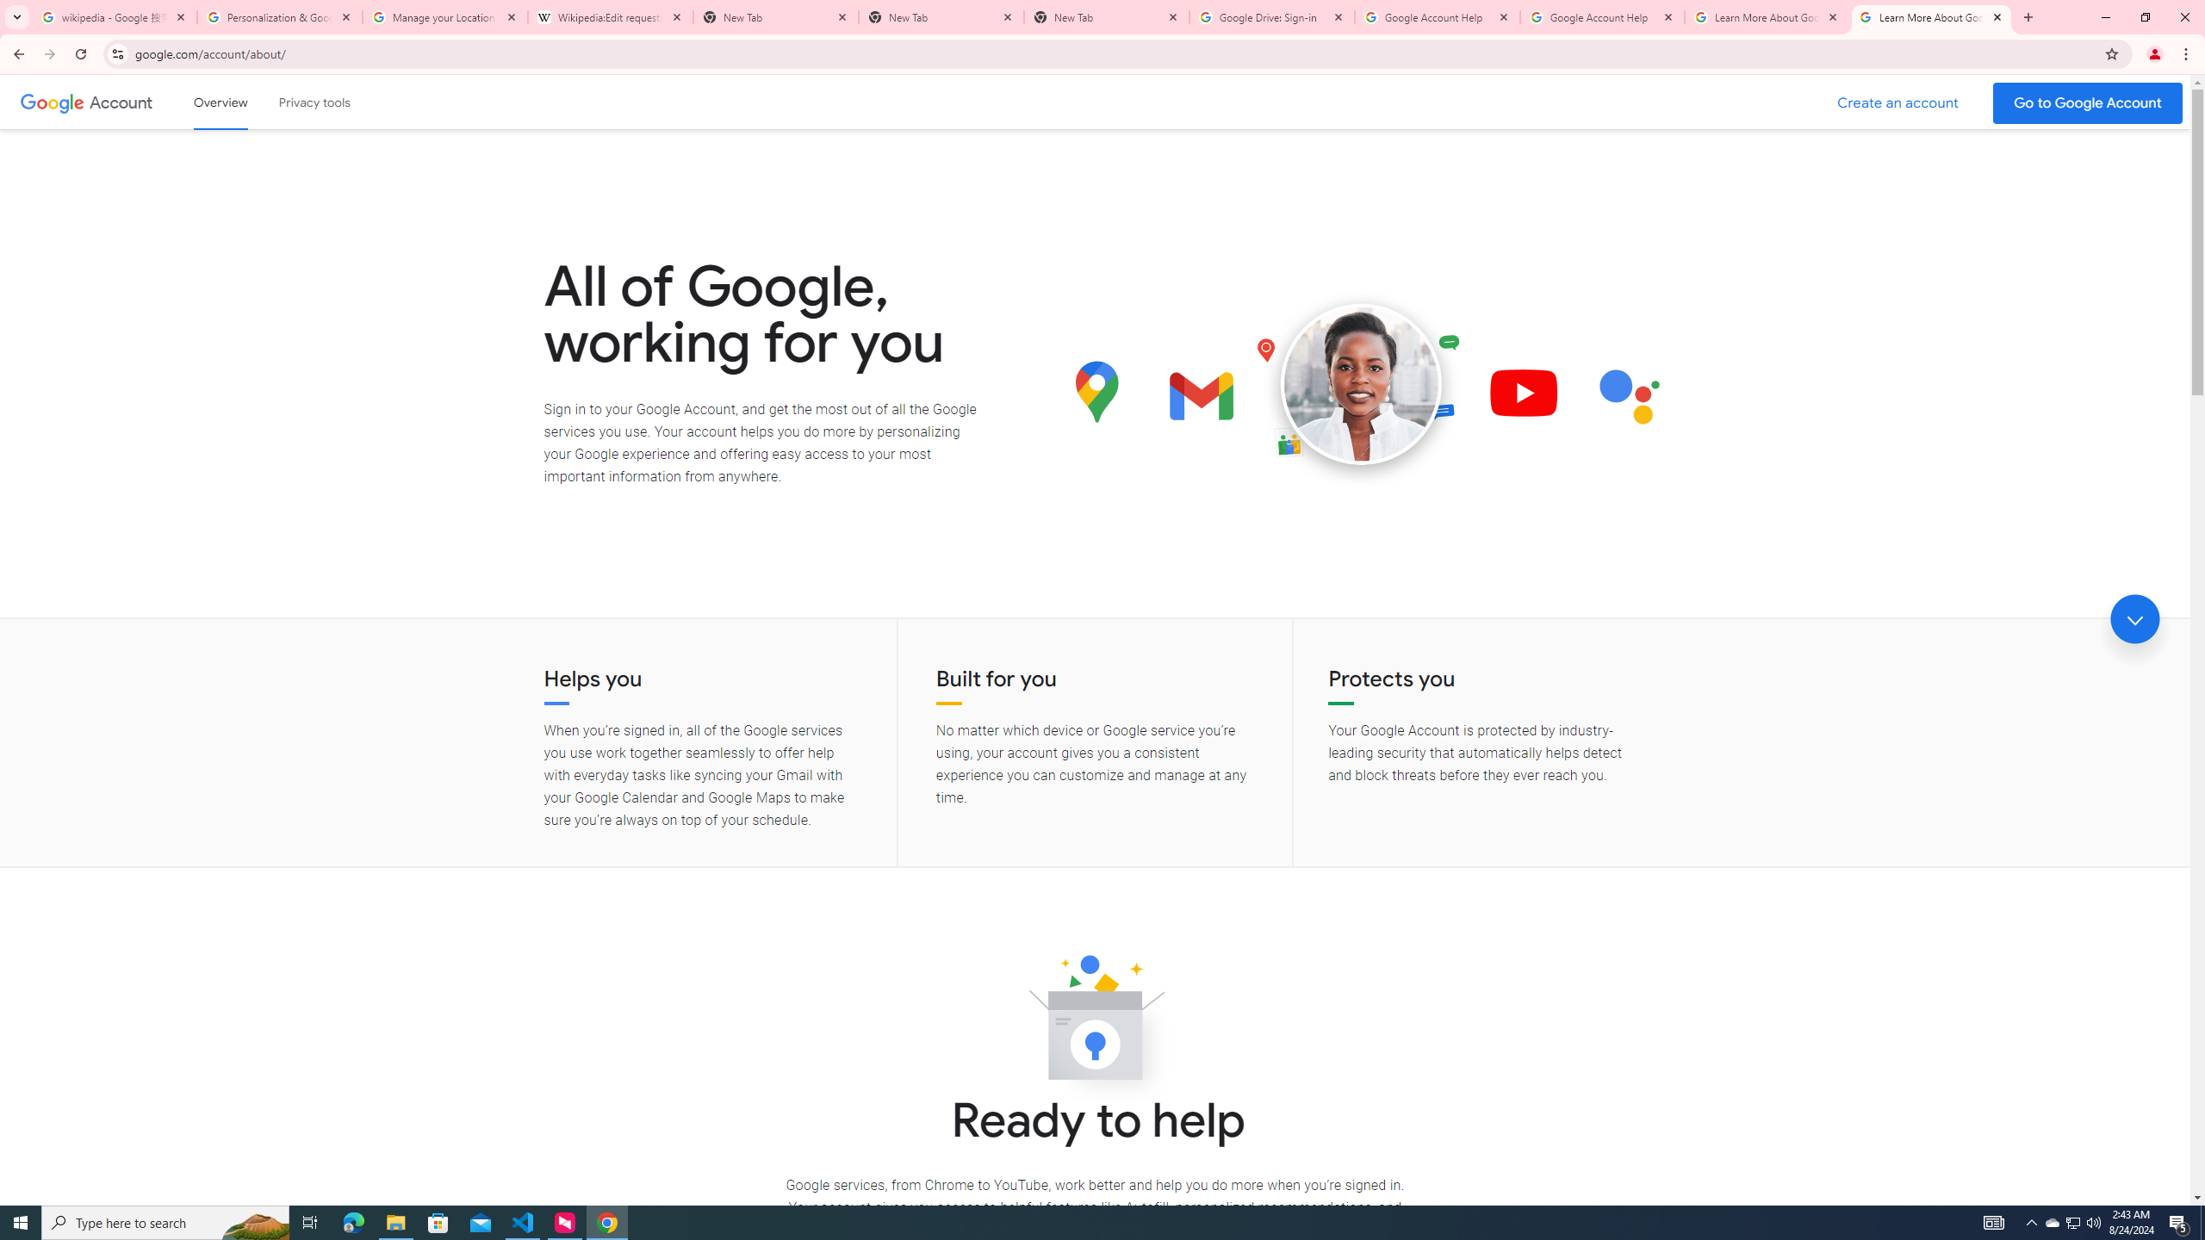 The image size is (2205, 1240). What do you see at coordinates (52, 102) in the screenshot?
I see `'Google logo'` at bounding box center [52, 102].